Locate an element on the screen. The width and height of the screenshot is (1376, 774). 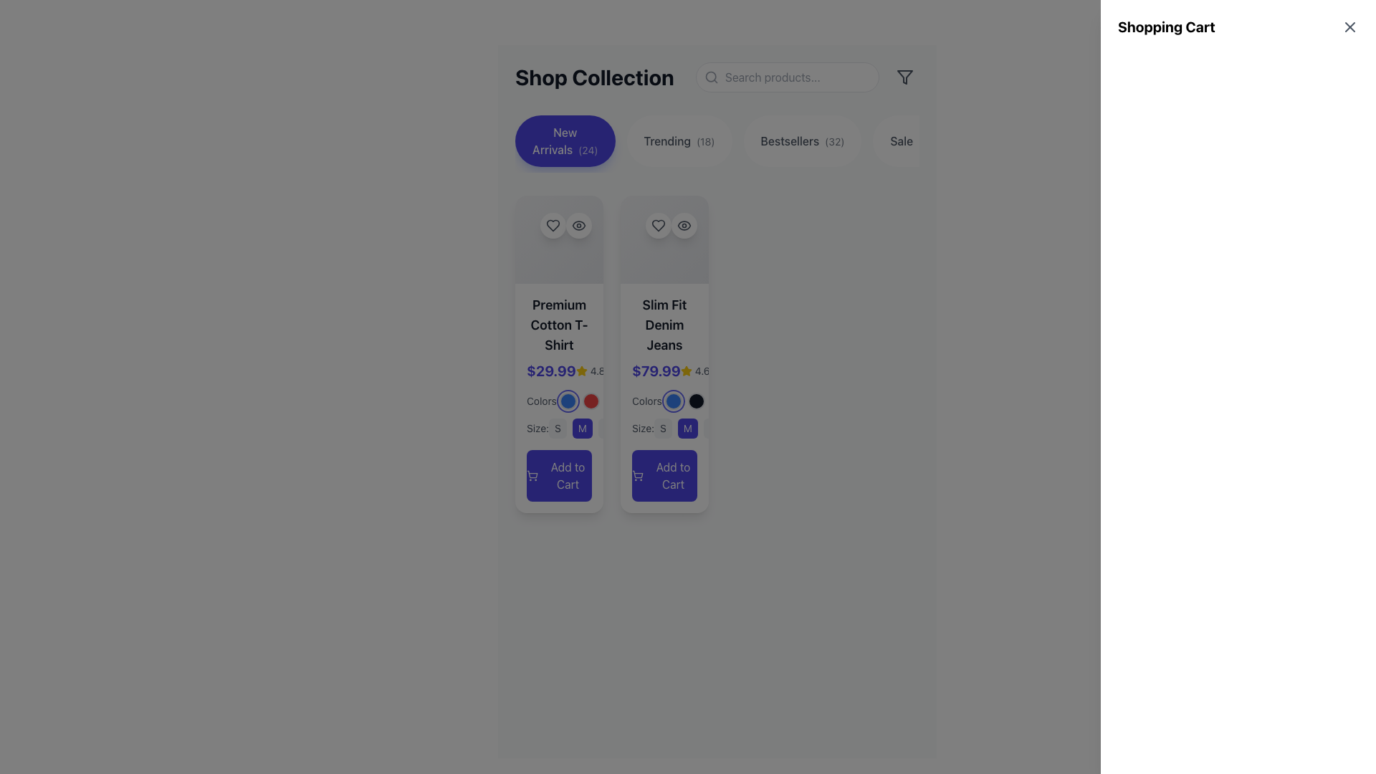
the button is located at coordinates (672, 401).